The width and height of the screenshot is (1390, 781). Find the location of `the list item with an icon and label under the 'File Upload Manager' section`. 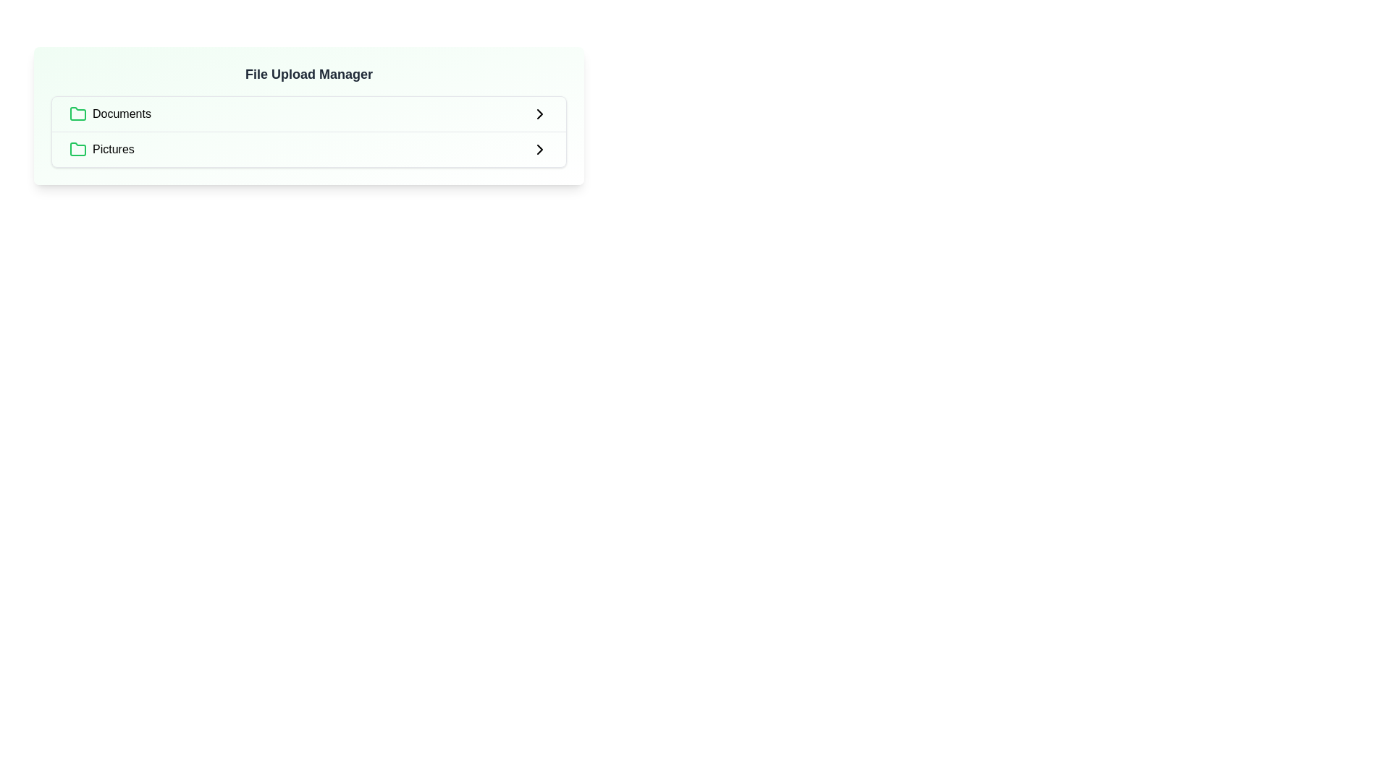

the list item with an icon and label under the 'File Upload Manager' section is located at coordinates (109, 114).